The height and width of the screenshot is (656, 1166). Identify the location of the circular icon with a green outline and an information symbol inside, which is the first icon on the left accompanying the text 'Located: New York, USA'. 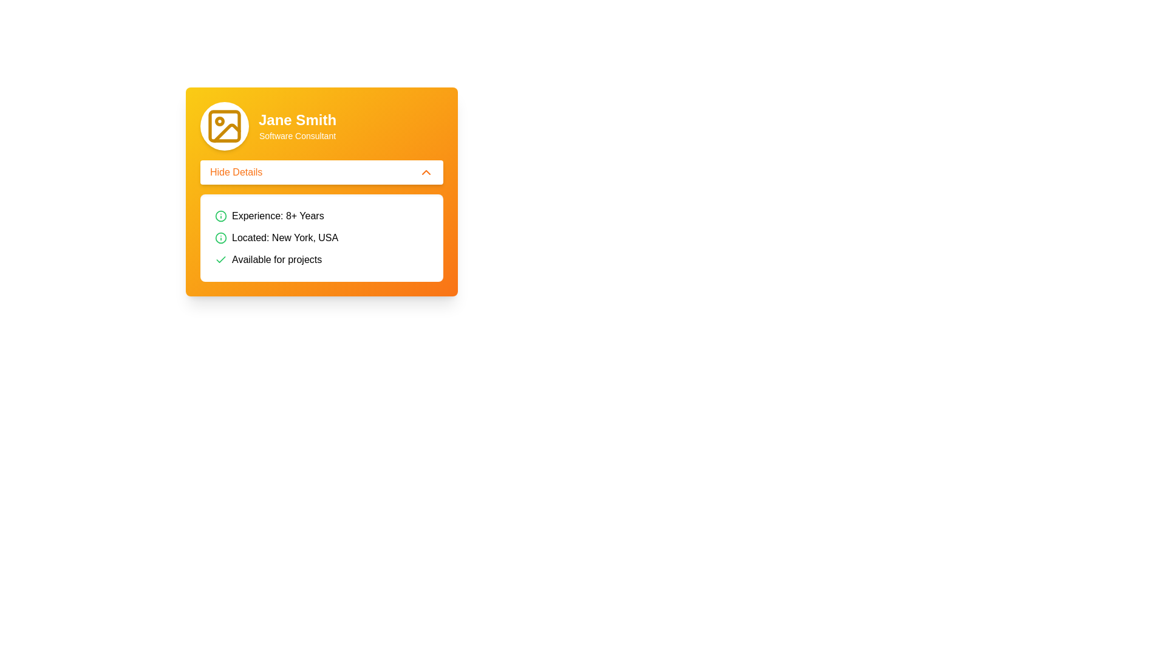
(221, 238).